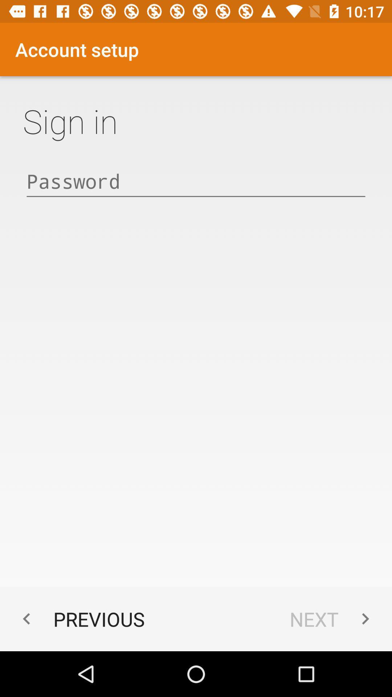 Image resolution: width=392 pixels, height=697 pixels. I want to click on the icon to the left of the next app, so click(80, 619).